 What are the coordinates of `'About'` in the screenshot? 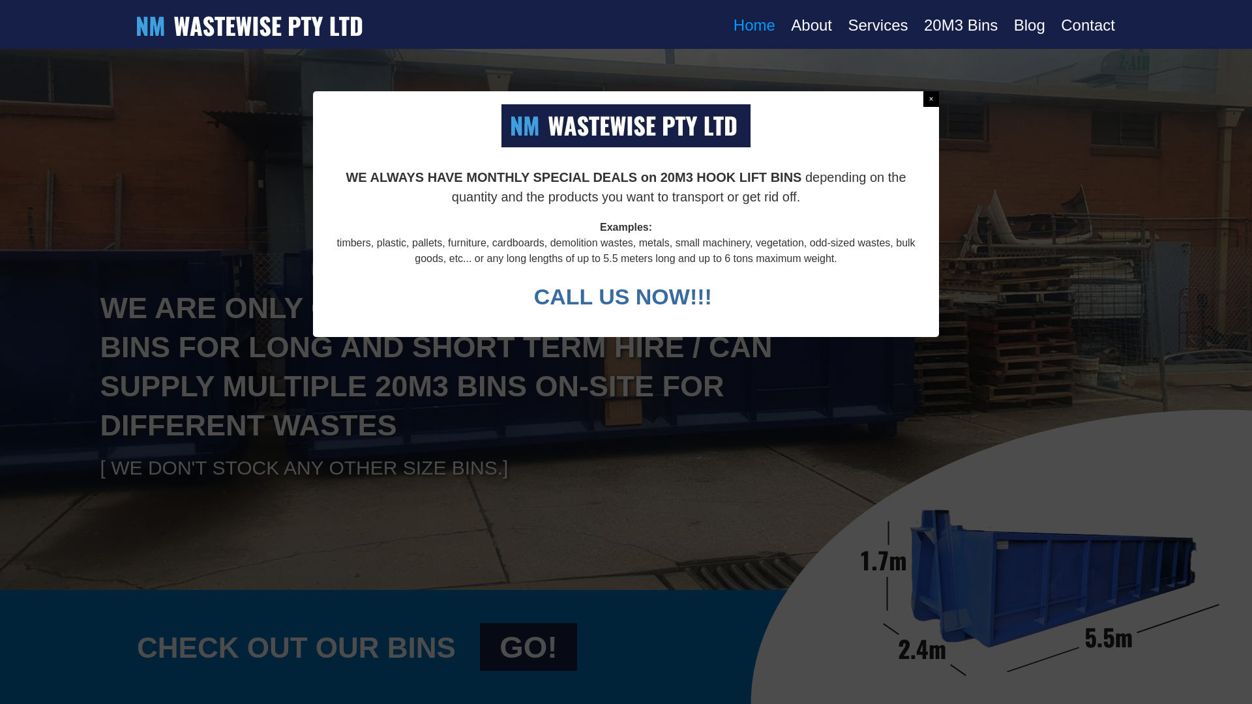 It's located at (811, 25).